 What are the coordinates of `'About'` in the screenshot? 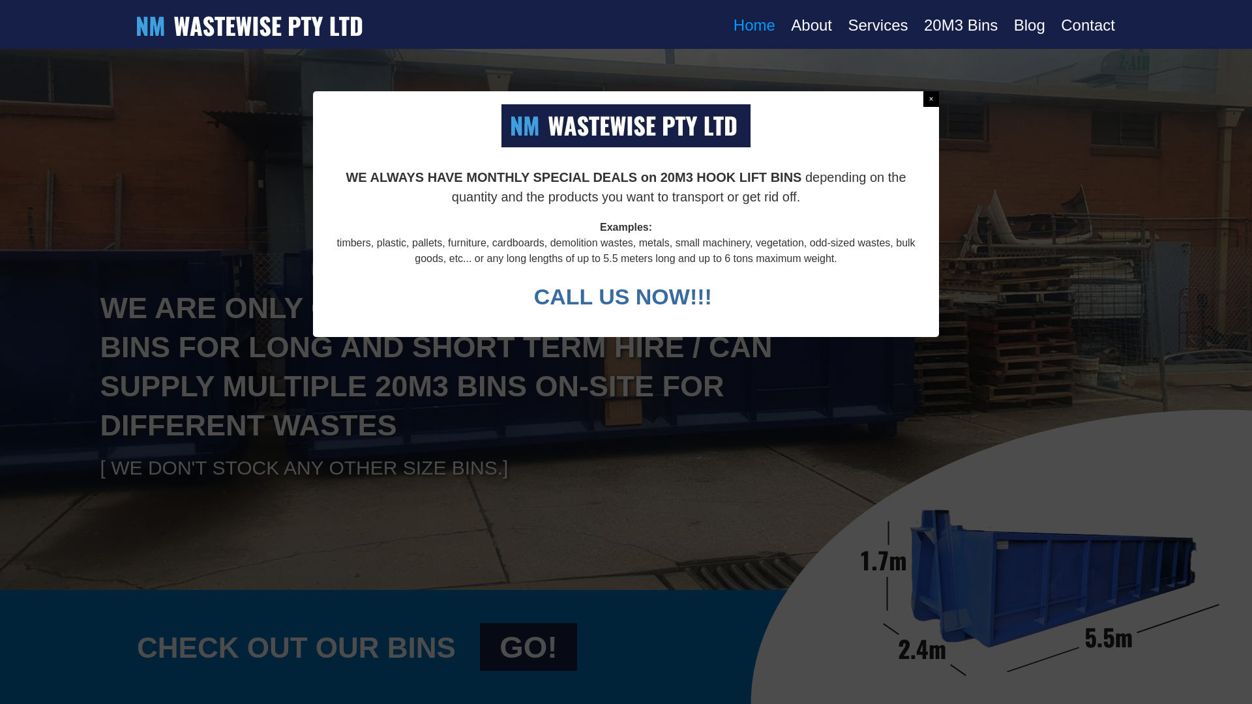 It's located at (811, 25).